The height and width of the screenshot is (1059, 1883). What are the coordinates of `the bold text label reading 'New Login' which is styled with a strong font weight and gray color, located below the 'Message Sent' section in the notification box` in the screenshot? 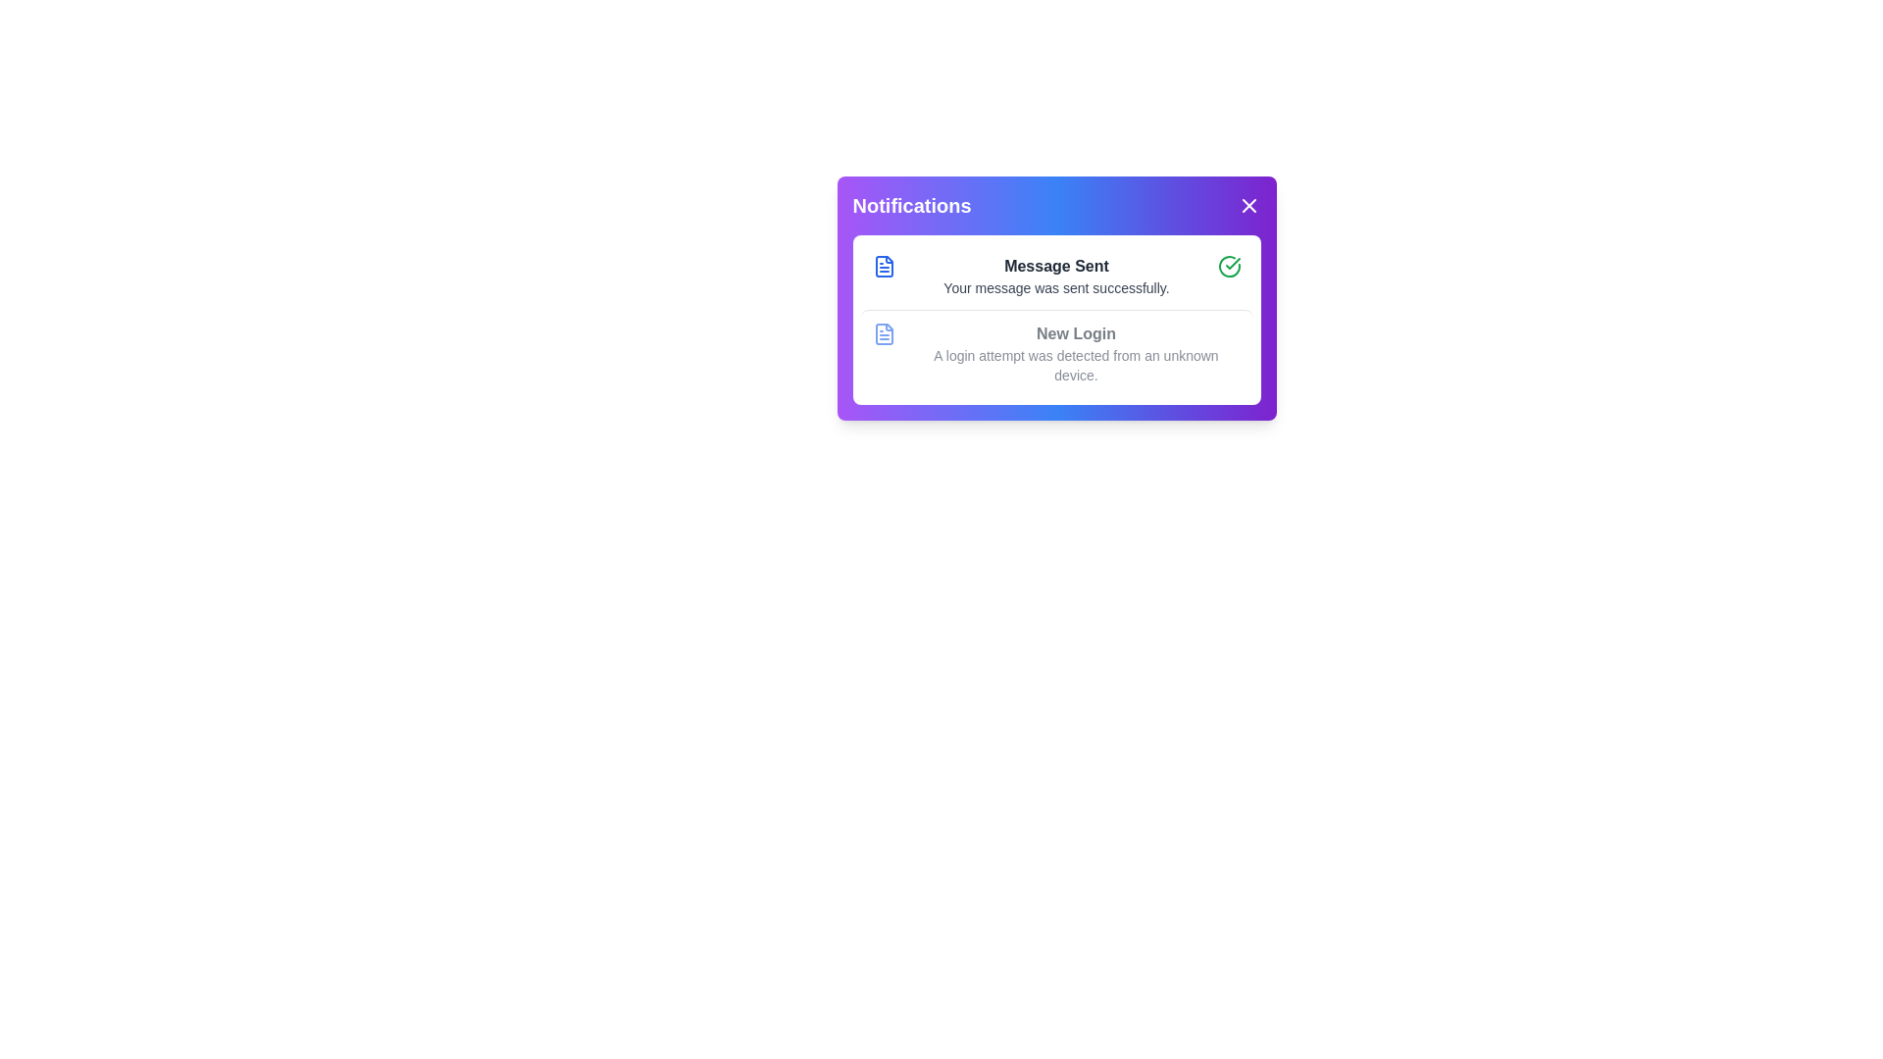 It's located at (1075, 332).